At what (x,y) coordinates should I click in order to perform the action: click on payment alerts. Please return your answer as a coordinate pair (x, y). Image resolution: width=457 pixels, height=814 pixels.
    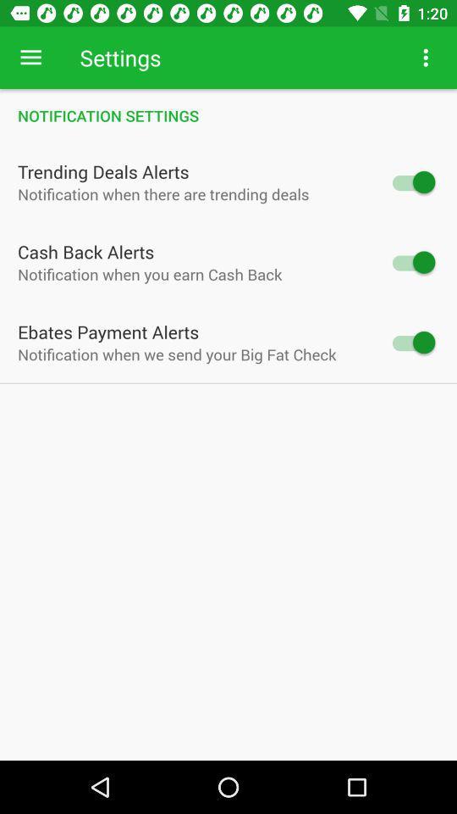
    Looking at the image, I should click on (411, 342).